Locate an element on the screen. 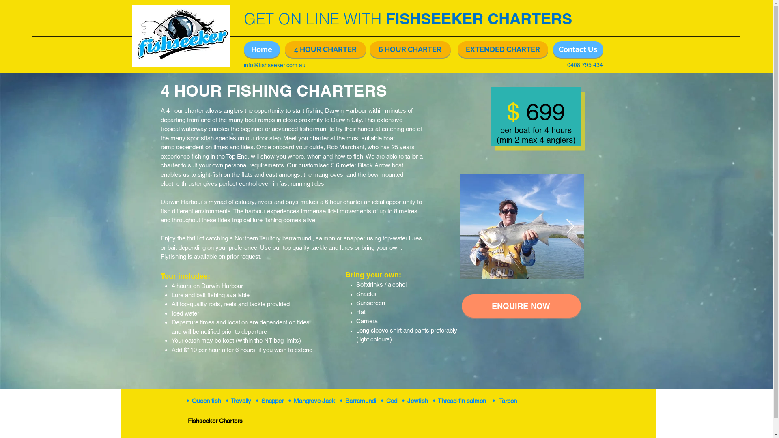 This screenshot has width=779, height=438. 'info@fishseeker.com.au' is located at coordinates (274, 64).